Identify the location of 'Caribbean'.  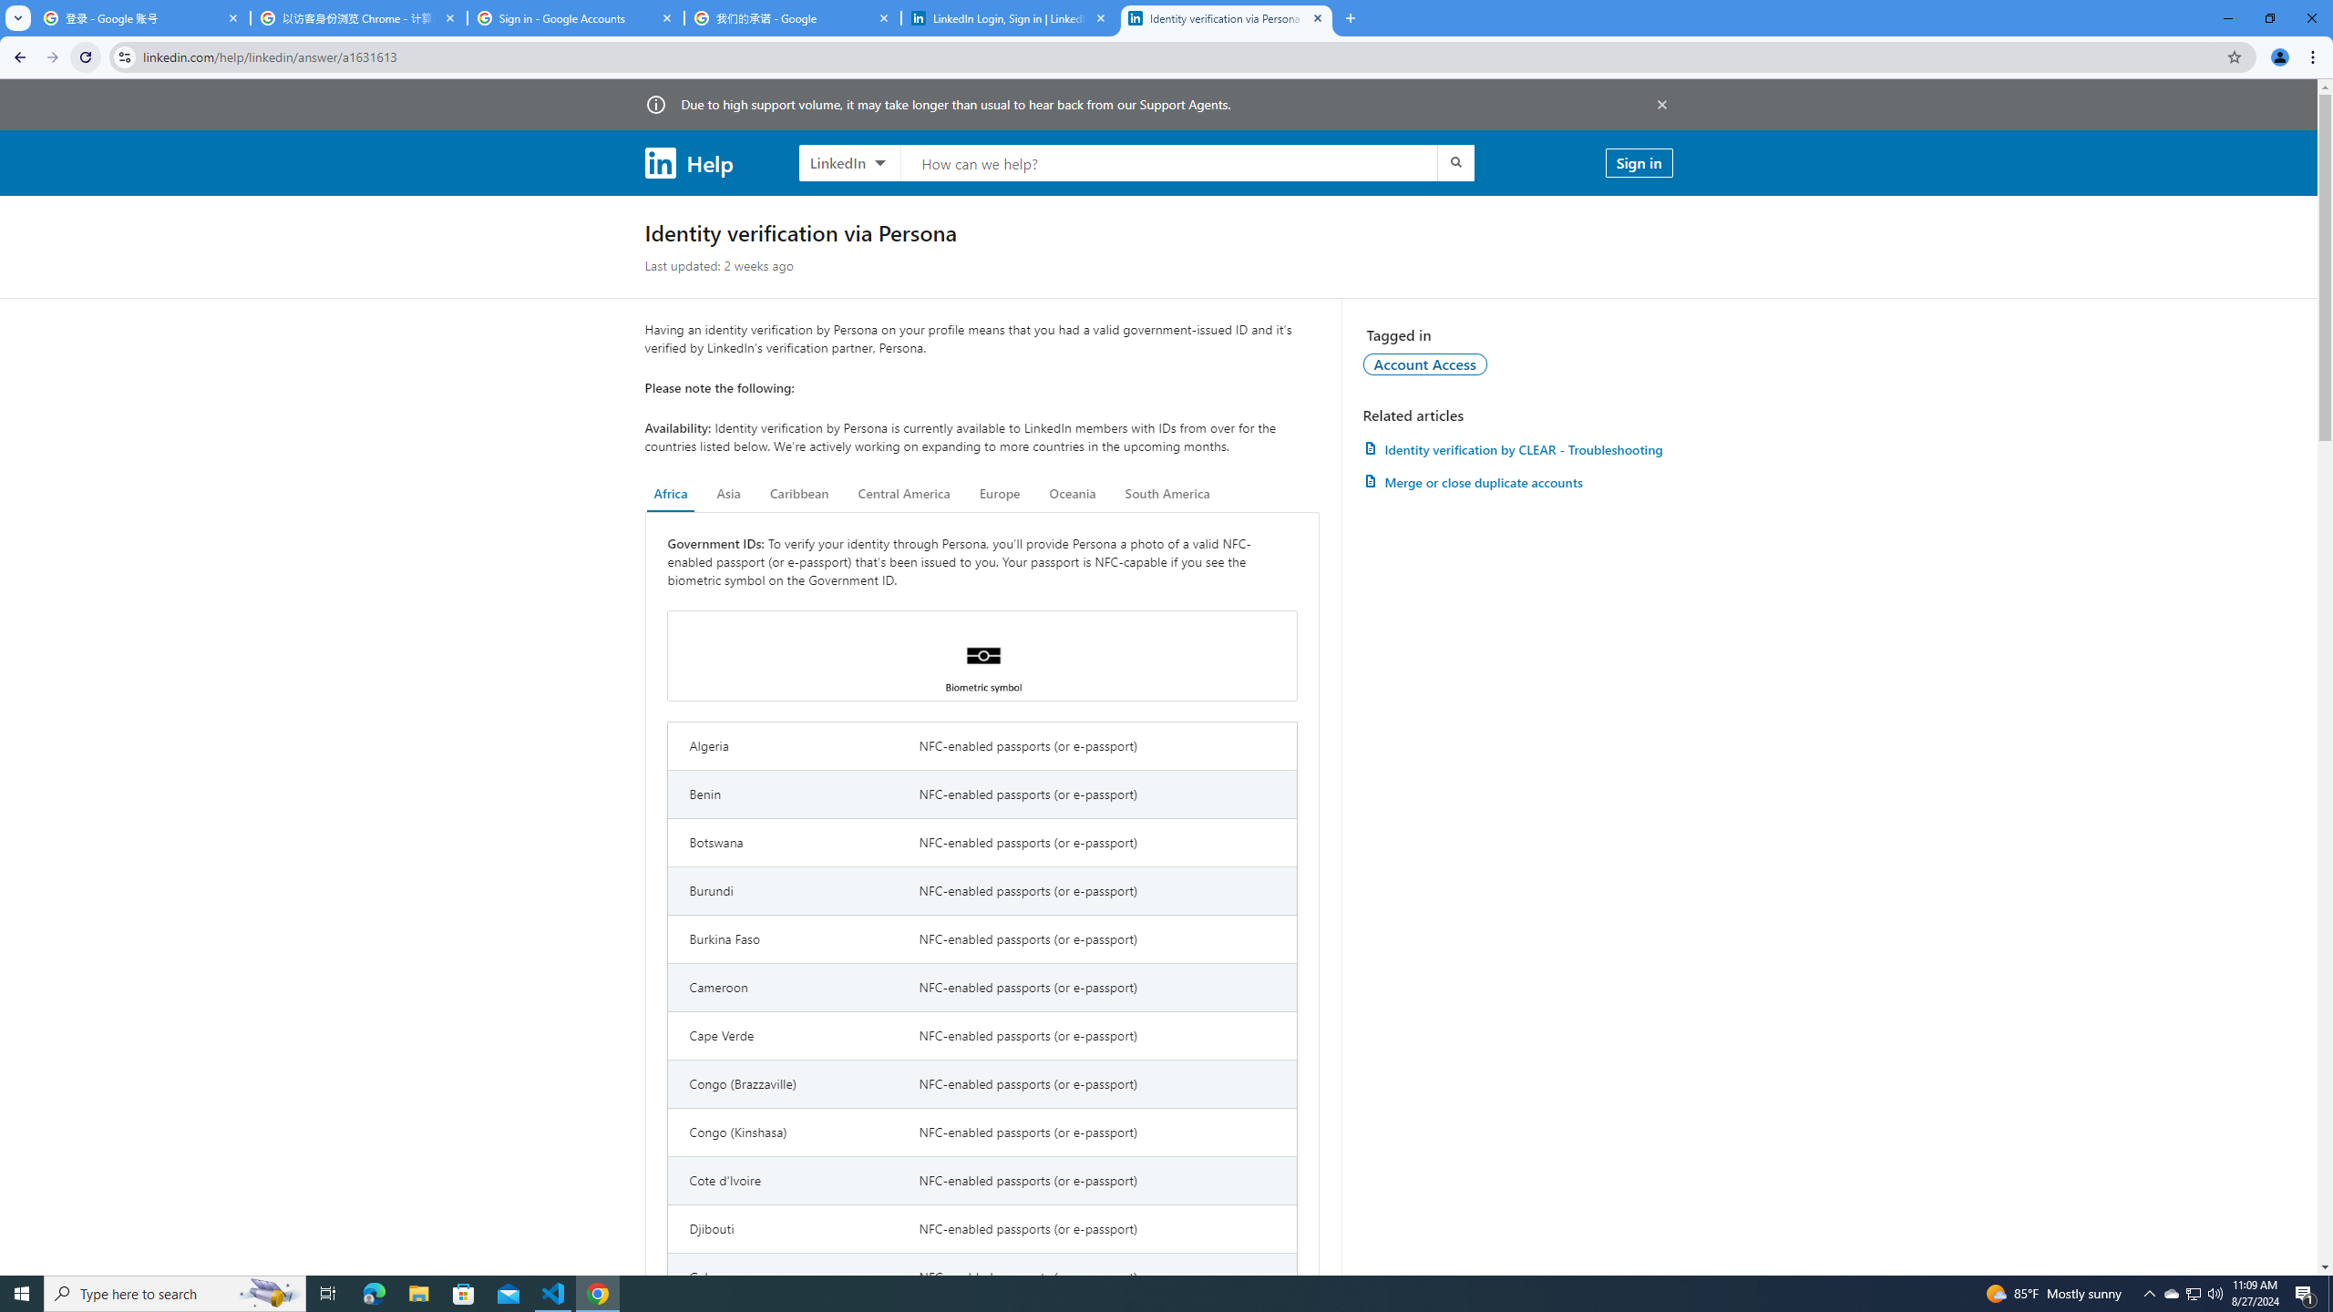
(799, 493).